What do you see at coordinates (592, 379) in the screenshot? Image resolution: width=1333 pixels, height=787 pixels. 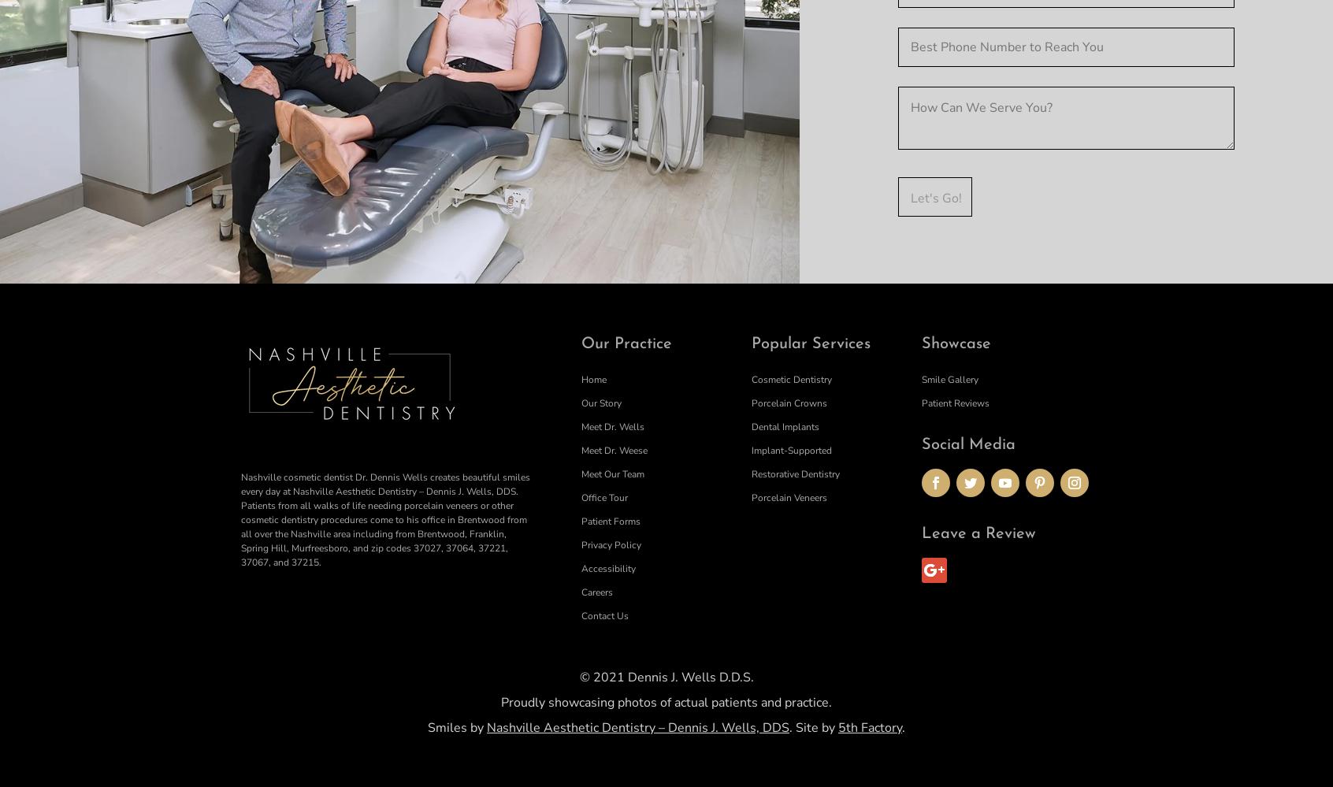 I see `'Home'` at bounding box center [592, 379].